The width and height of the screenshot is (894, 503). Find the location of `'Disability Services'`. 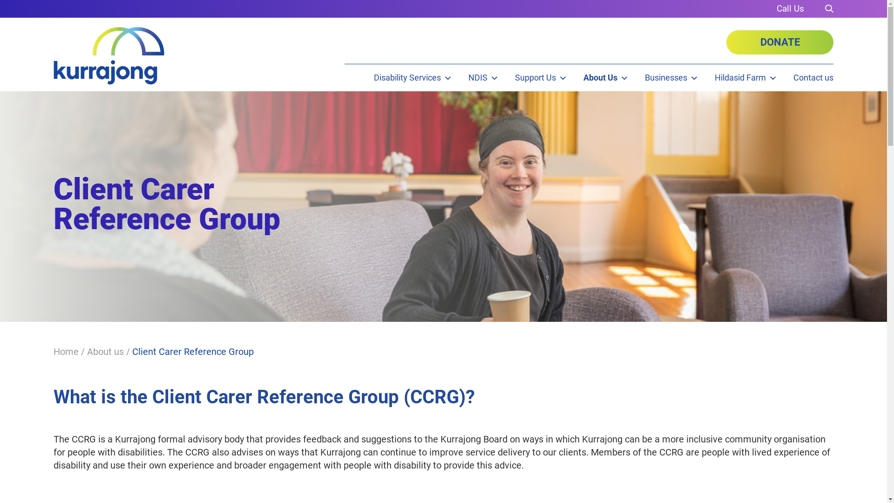

'Disability Services' is located at coordinates (413, 77).